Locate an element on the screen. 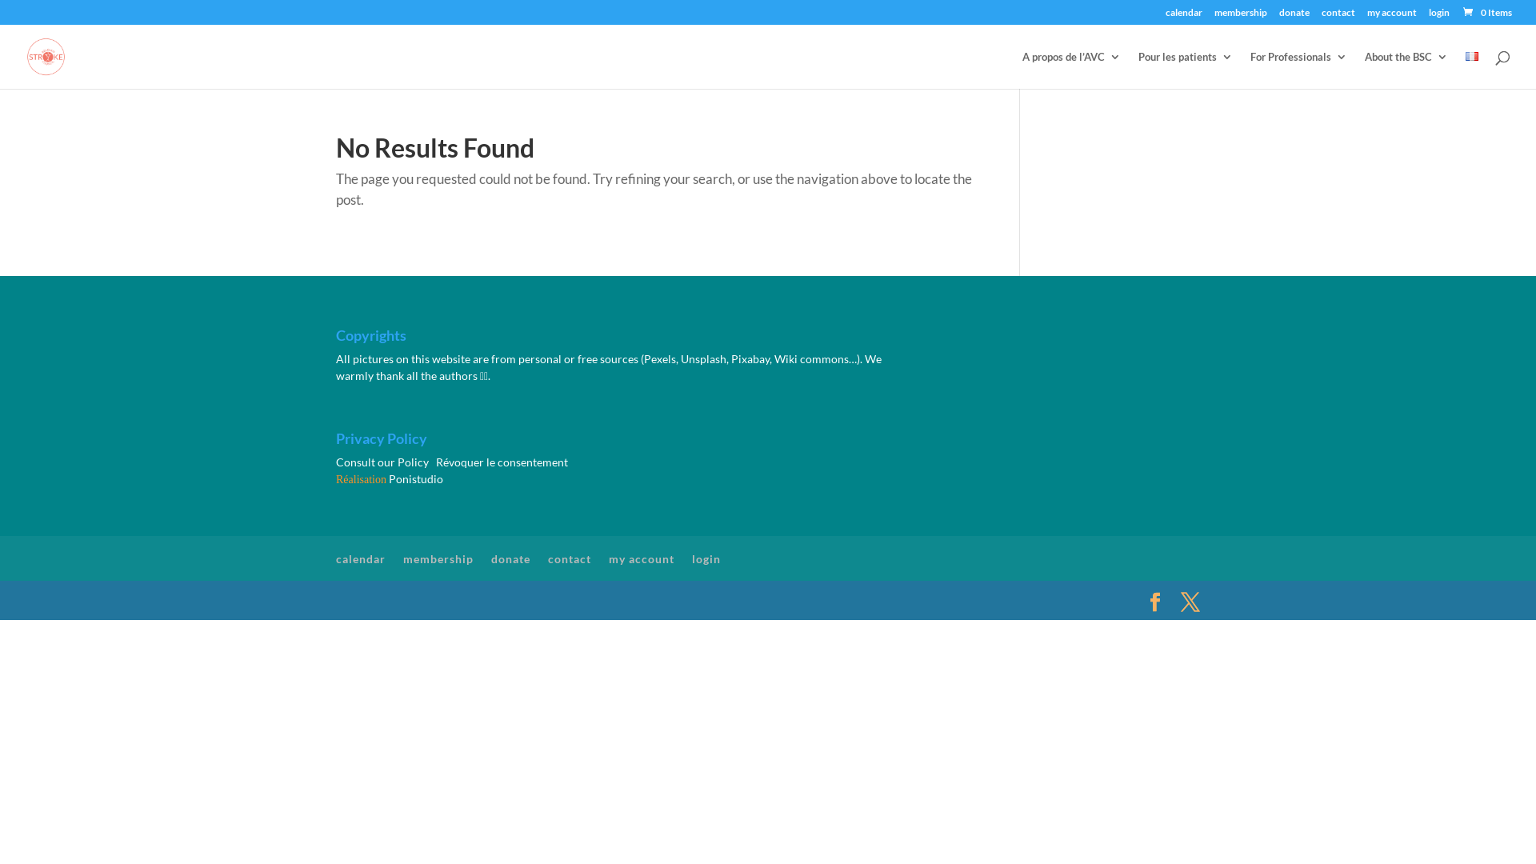 This screenshot has width=1536, height=864. 'calendar' is located at coordinates (360, 558).